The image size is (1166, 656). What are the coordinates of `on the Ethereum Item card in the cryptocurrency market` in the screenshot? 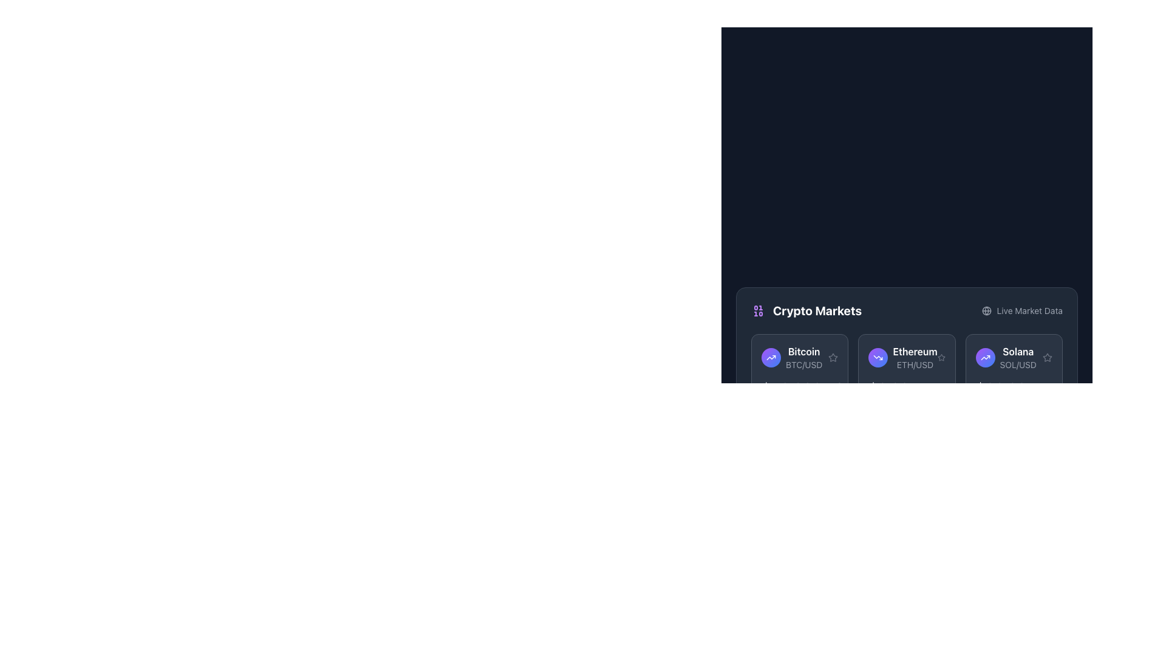 It's located at (907, 357).